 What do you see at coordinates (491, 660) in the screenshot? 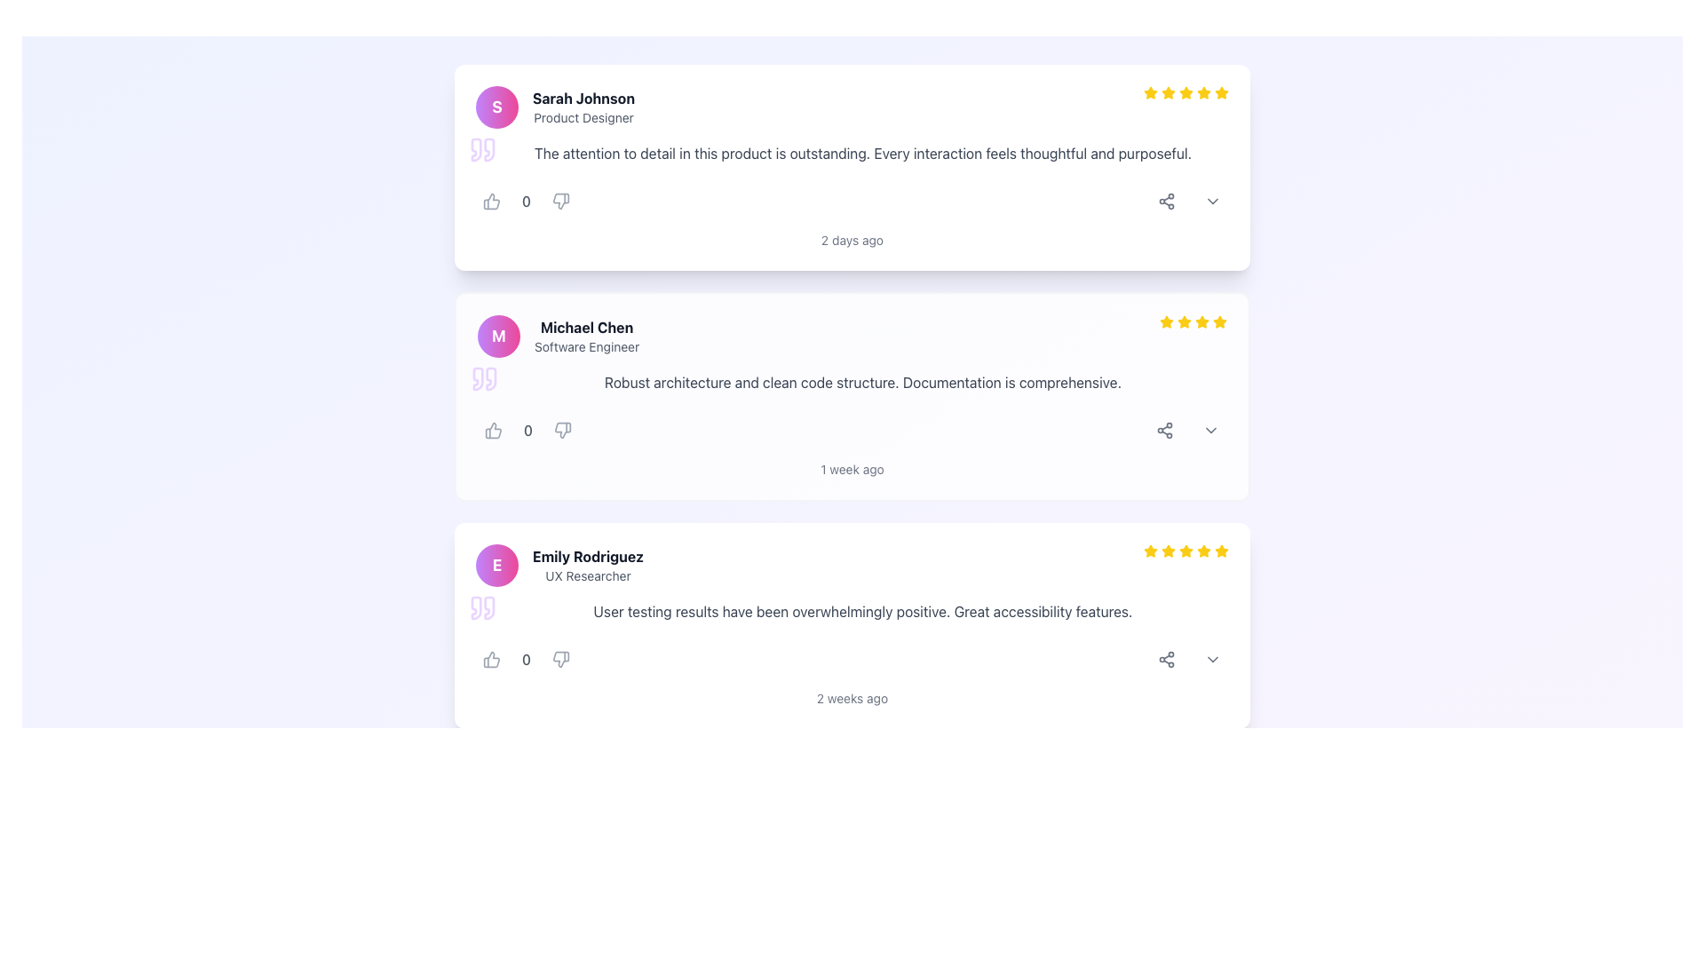
I see `the like button icon represented as an SVG graphic in the comment section for user Emily Rodriguez` at bounding box center [491, 660].